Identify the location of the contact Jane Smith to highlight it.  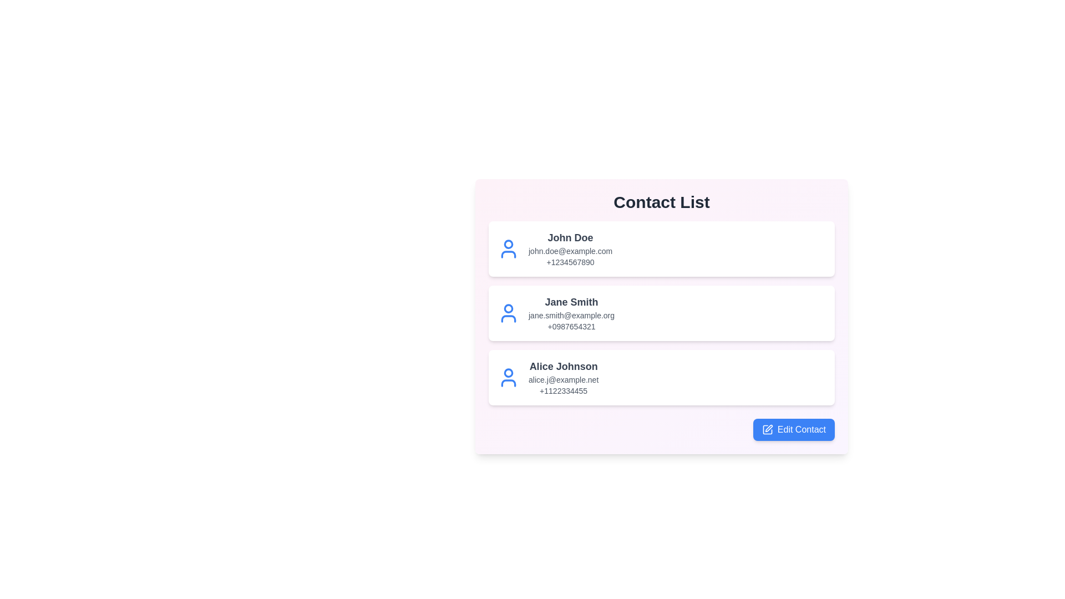
(662, 313).